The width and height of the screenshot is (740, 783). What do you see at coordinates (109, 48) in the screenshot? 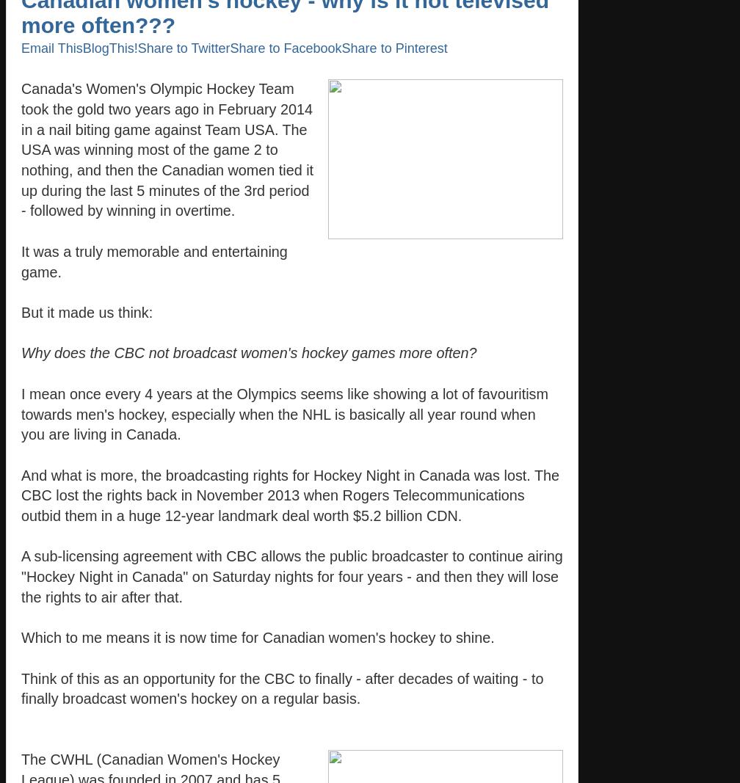
I see `'BlogThis!'` at bounding box center [109, 48].